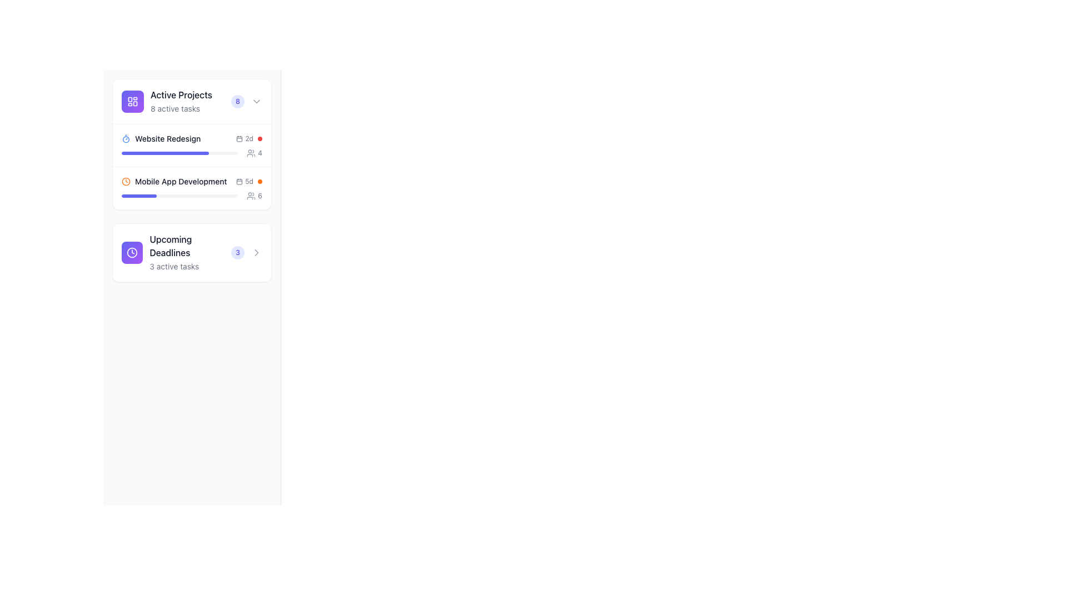 The height and width of the screenshot is (600, 1067). I want to click on the width of the filled portion of the progress bar segment for the 'Mobile App Development' project to gauge its completion percentage, so click(138, 196).